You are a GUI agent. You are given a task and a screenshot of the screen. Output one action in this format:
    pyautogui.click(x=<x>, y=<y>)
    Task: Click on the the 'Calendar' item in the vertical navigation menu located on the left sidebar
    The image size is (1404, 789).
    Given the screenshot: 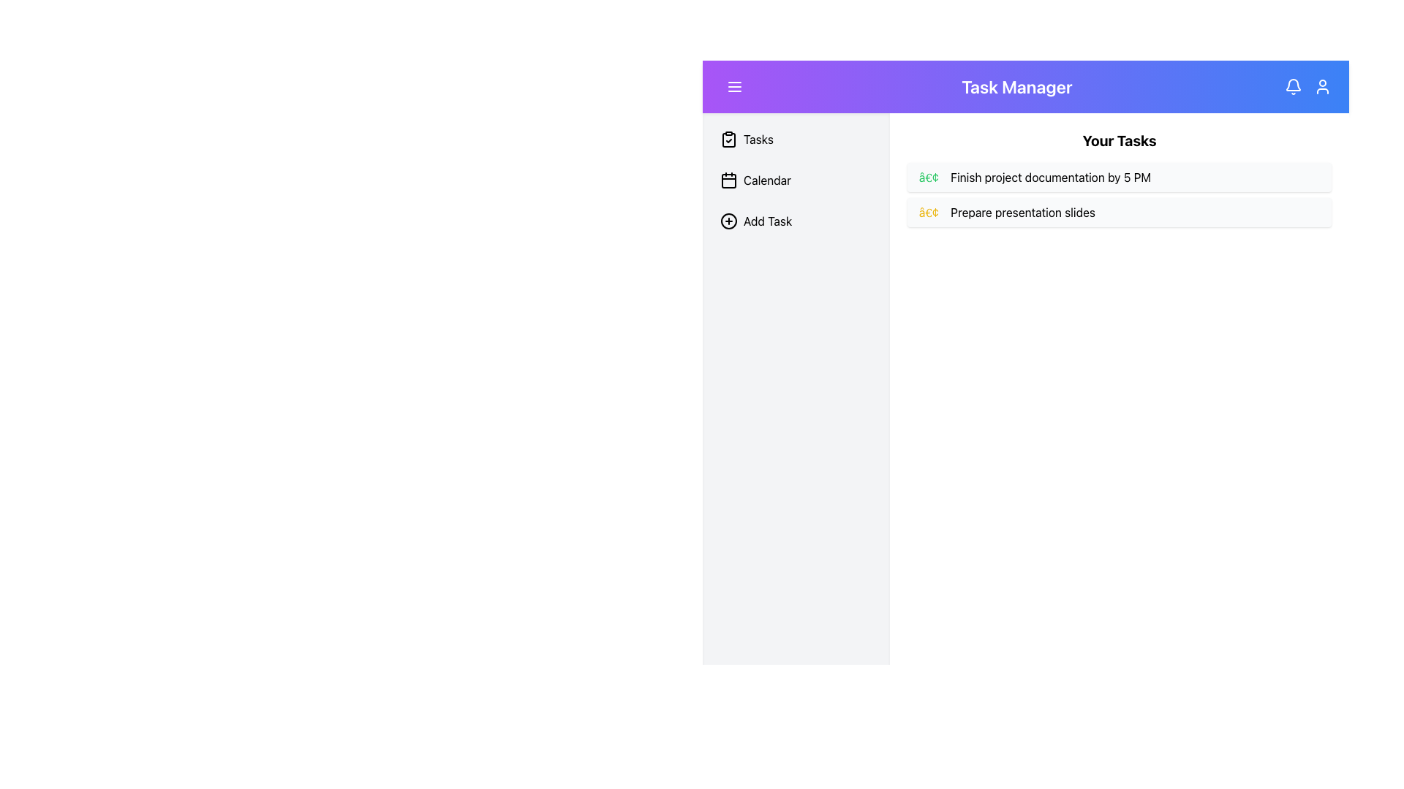 What is the action you would take?
    pyautogui.click(x=796, y=179)
    